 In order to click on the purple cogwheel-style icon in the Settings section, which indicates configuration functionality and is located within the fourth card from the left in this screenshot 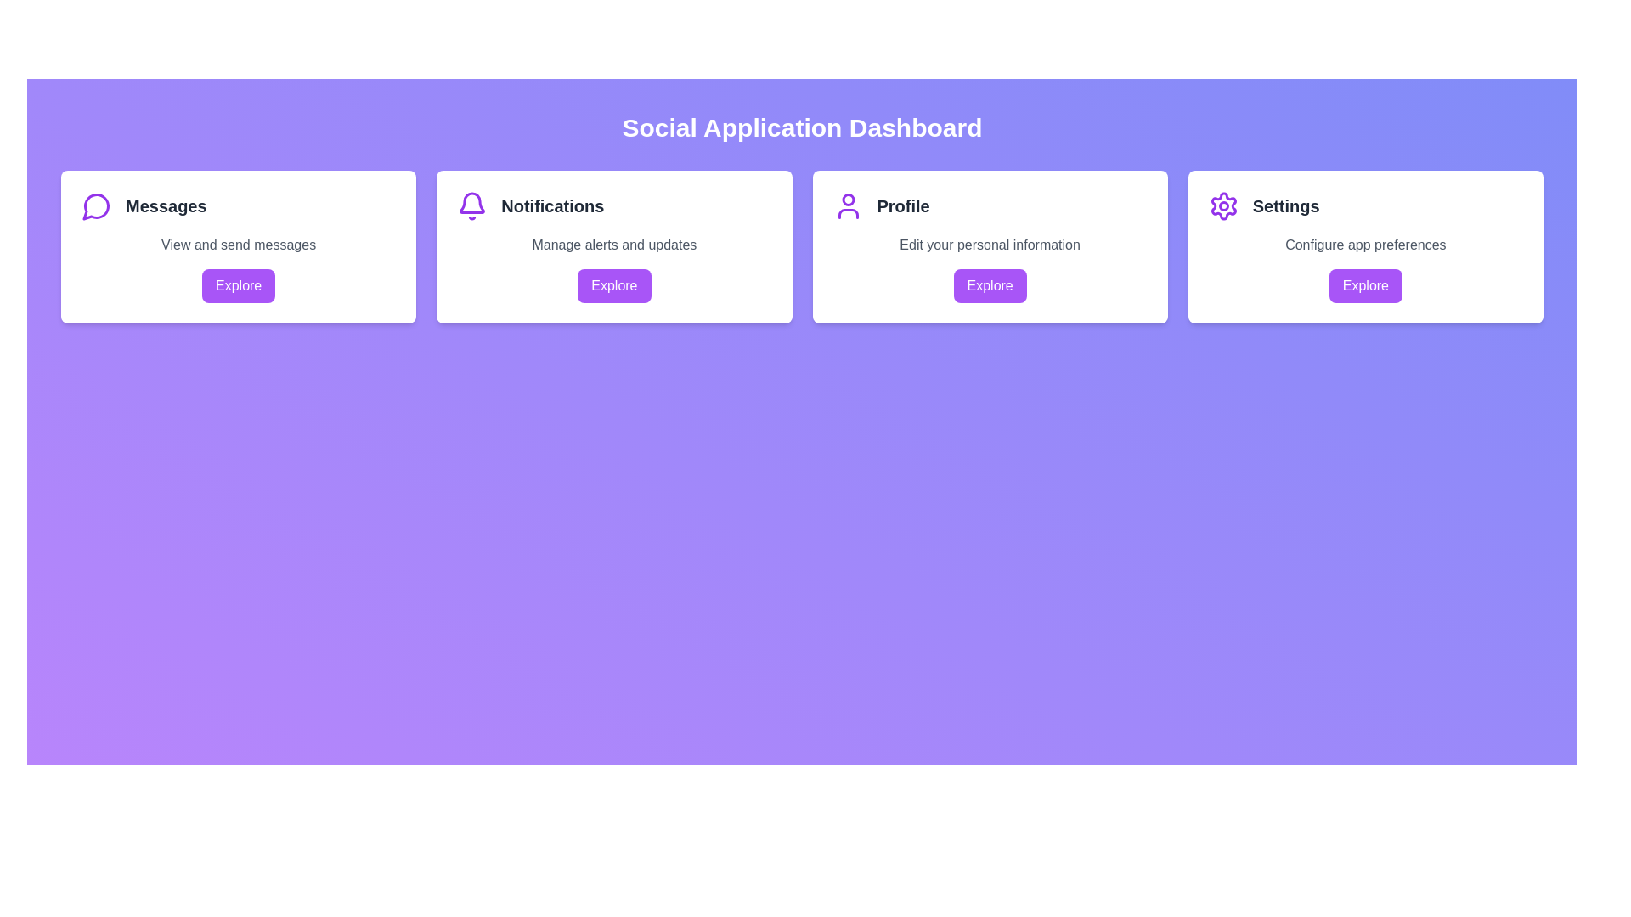, I will do `click(1223, 205)`.